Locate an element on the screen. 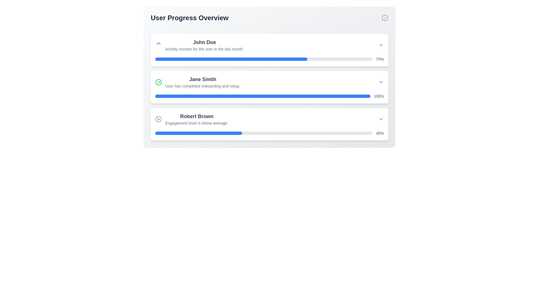 This screenshot has width=538, height=303. information displayed in the Summary item indicating the successful completion of onboarding for user 'Jane Smith.' is located at coordinates (198, 82).